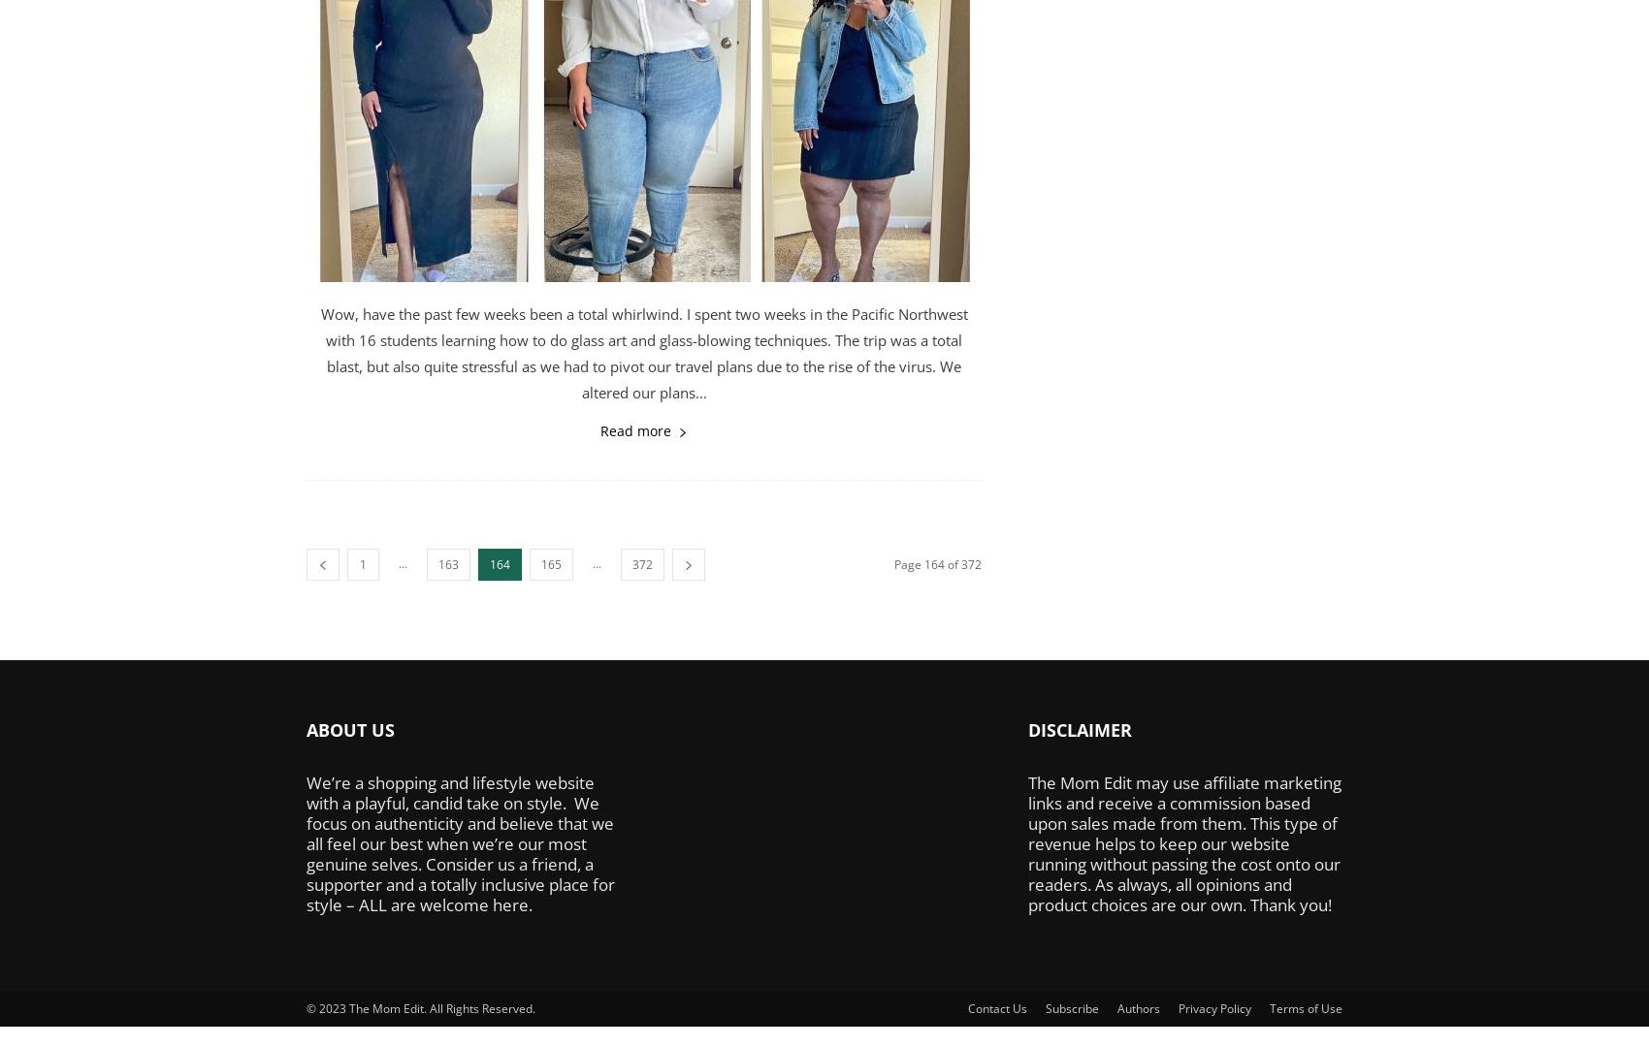 The width and height of the screenshot is (1649, 1046). I want to click on '163', so click(448, 564).